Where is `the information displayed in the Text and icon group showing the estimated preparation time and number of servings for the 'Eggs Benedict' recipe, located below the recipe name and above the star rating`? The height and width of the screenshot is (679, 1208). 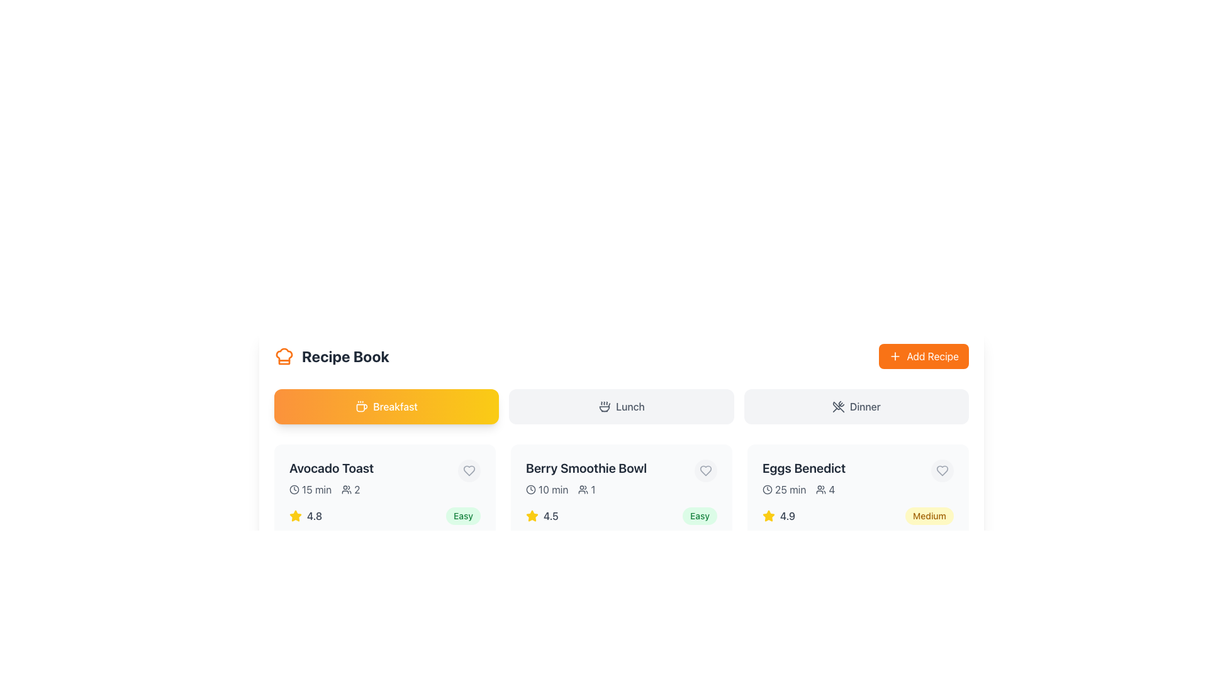 the information displayed in the Text and icon group showing the estimated preparation time and number of servings for the 'Eggs Benedict' recipe, located below the recipe name and above the star rating is located at coordinates (803, 489).